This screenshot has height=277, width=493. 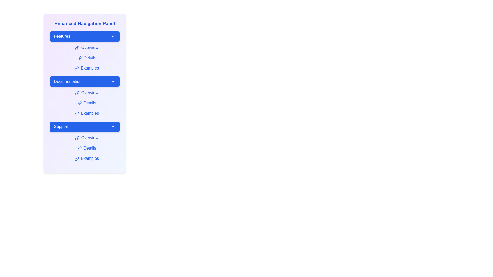 I want to click on the decorative icon located in the 'Documentation' section of the navigation panel, which is the first item to the left of the 'Examples' link text, so click(x=76, y=113).